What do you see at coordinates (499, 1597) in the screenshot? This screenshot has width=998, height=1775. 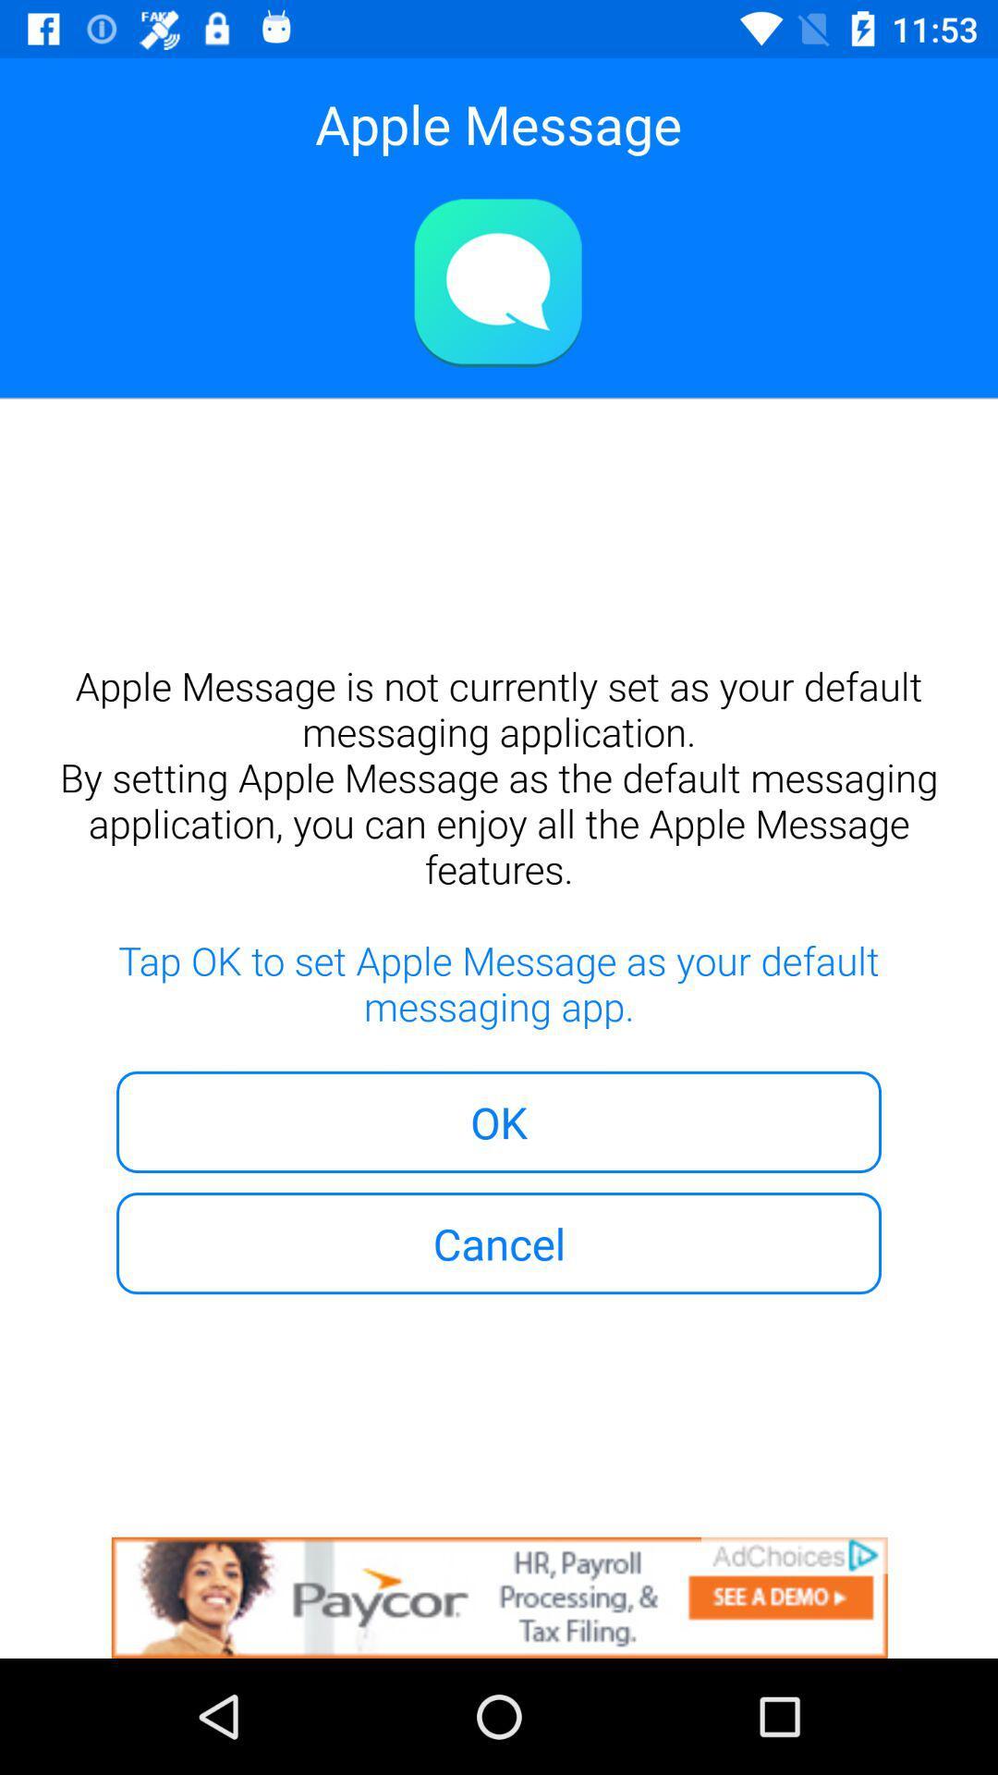 I see `advertisement bar` at bounding box center [499, 1597].